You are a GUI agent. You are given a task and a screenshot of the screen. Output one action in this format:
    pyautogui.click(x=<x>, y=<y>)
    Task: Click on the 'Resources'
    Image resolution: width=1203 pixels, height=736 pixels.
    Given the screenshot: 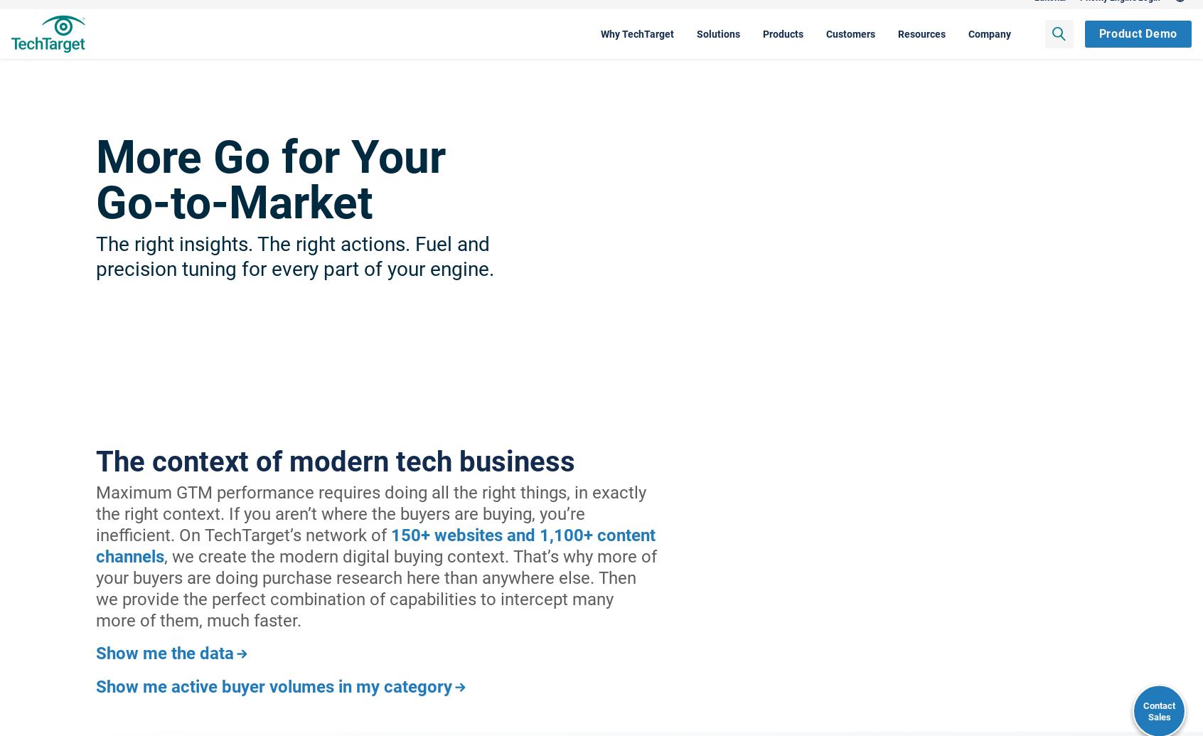 What is the action you would take?
    pyautogui.click(x=811, y=47)
    